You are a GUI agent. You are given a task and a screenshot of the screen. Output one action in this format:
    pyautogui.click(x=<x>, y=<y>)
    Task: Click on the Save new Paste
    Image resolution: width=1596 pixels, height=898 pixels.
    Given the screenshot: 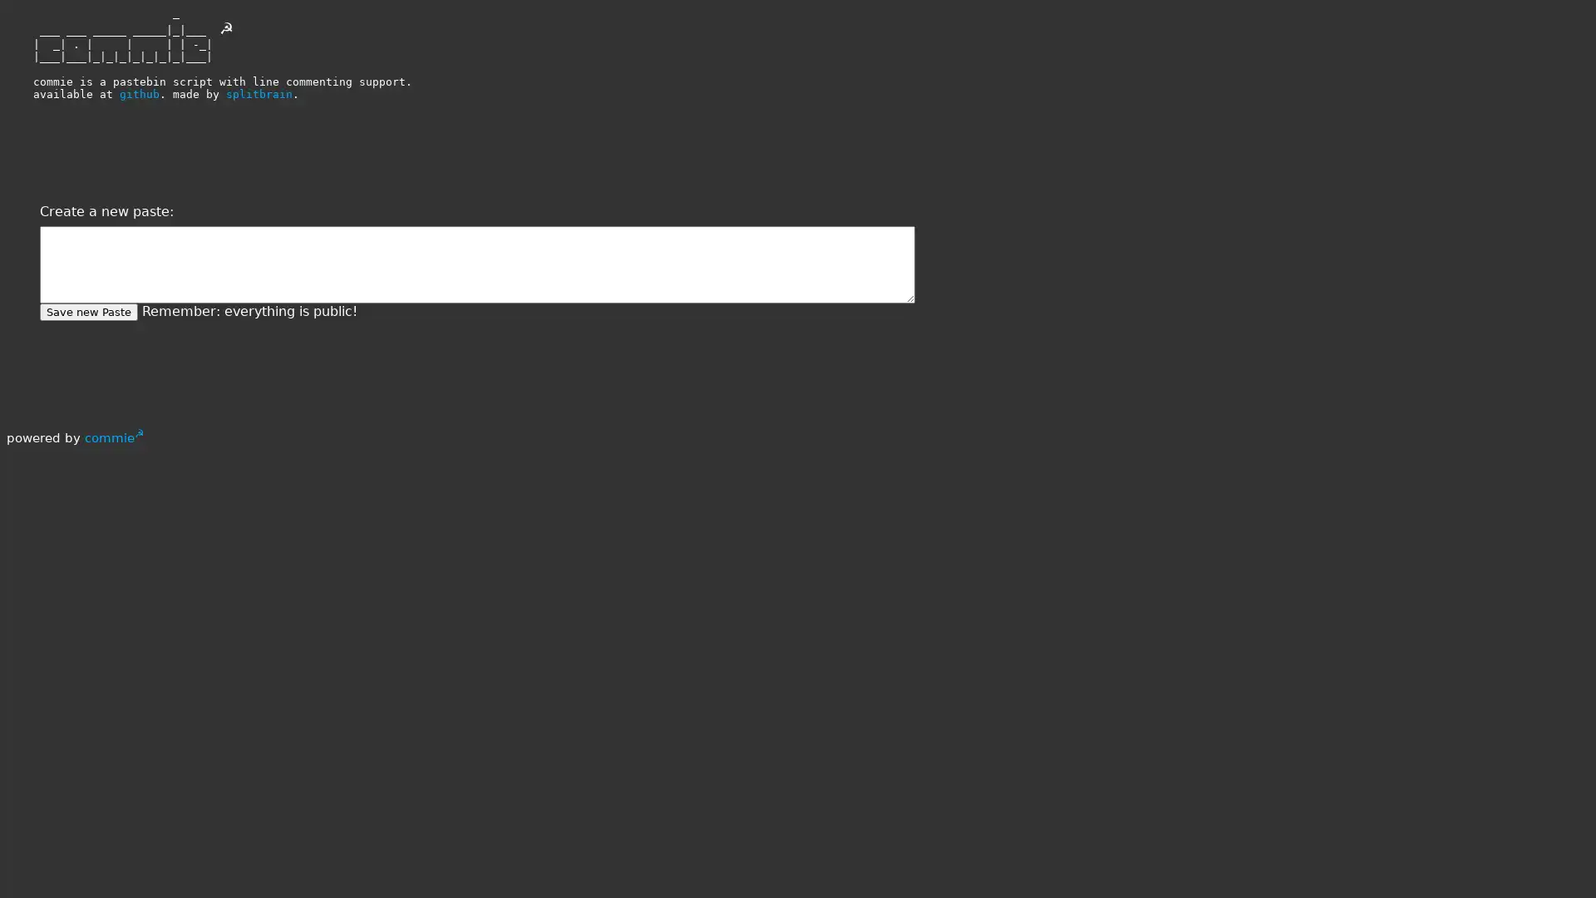 What is the action you would take?
    pyautogui.click(x=87, y=312)
    